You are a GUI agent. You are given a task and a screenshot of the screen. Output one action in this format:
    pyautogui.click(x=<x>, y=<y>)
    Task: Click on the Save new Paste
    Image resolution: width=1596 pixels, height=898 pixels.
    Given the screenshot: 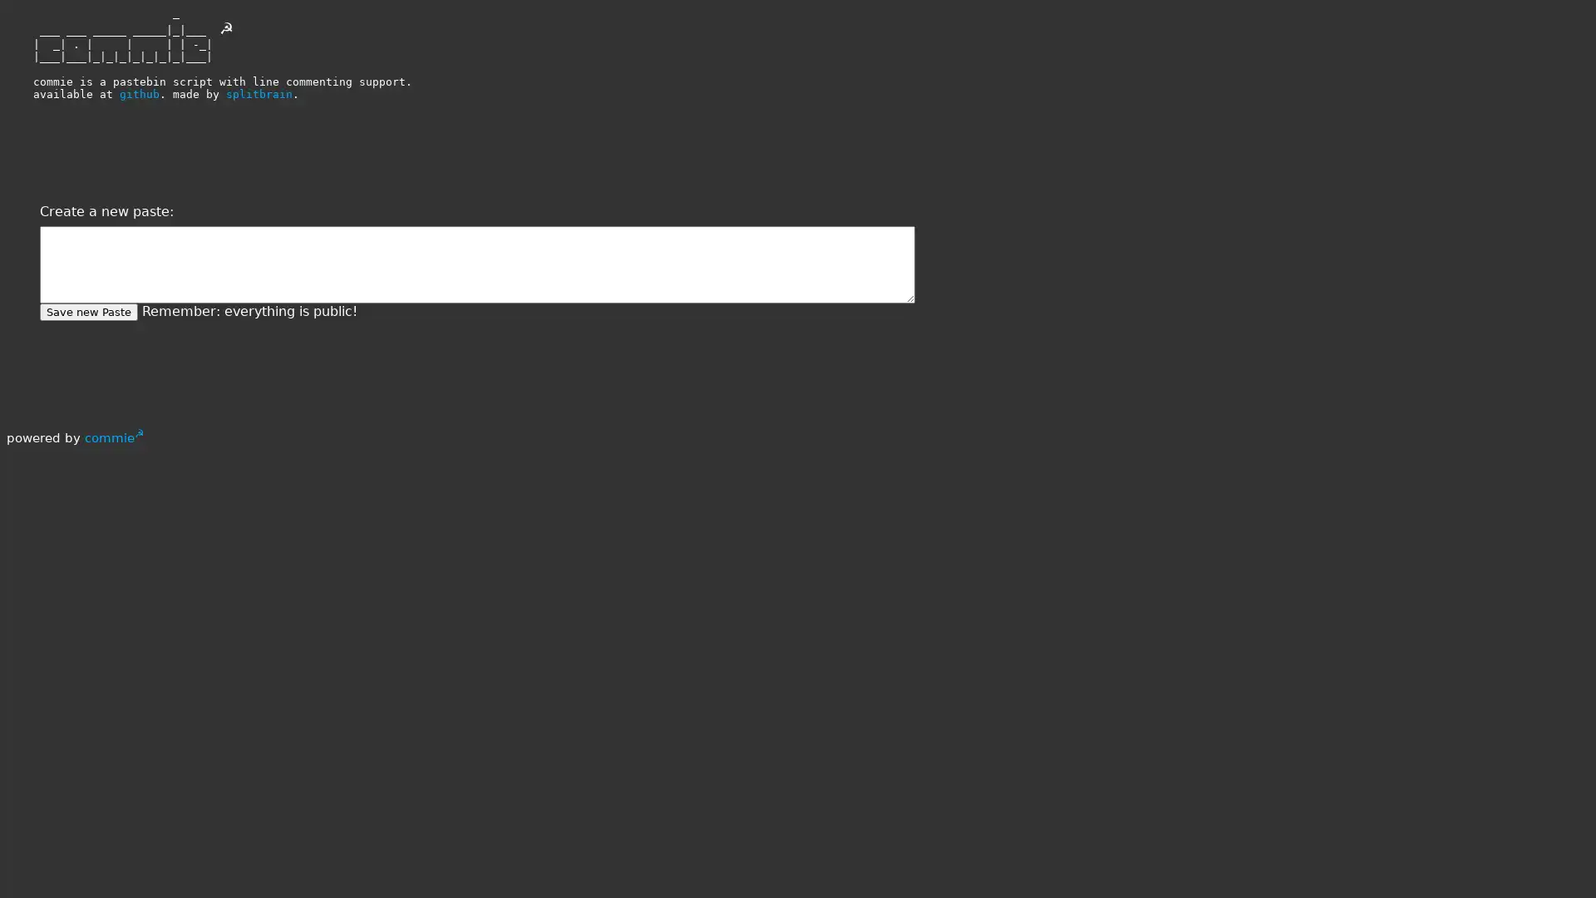 What is the action you would take?
    pyautogui.click(x=87, y=312)
    